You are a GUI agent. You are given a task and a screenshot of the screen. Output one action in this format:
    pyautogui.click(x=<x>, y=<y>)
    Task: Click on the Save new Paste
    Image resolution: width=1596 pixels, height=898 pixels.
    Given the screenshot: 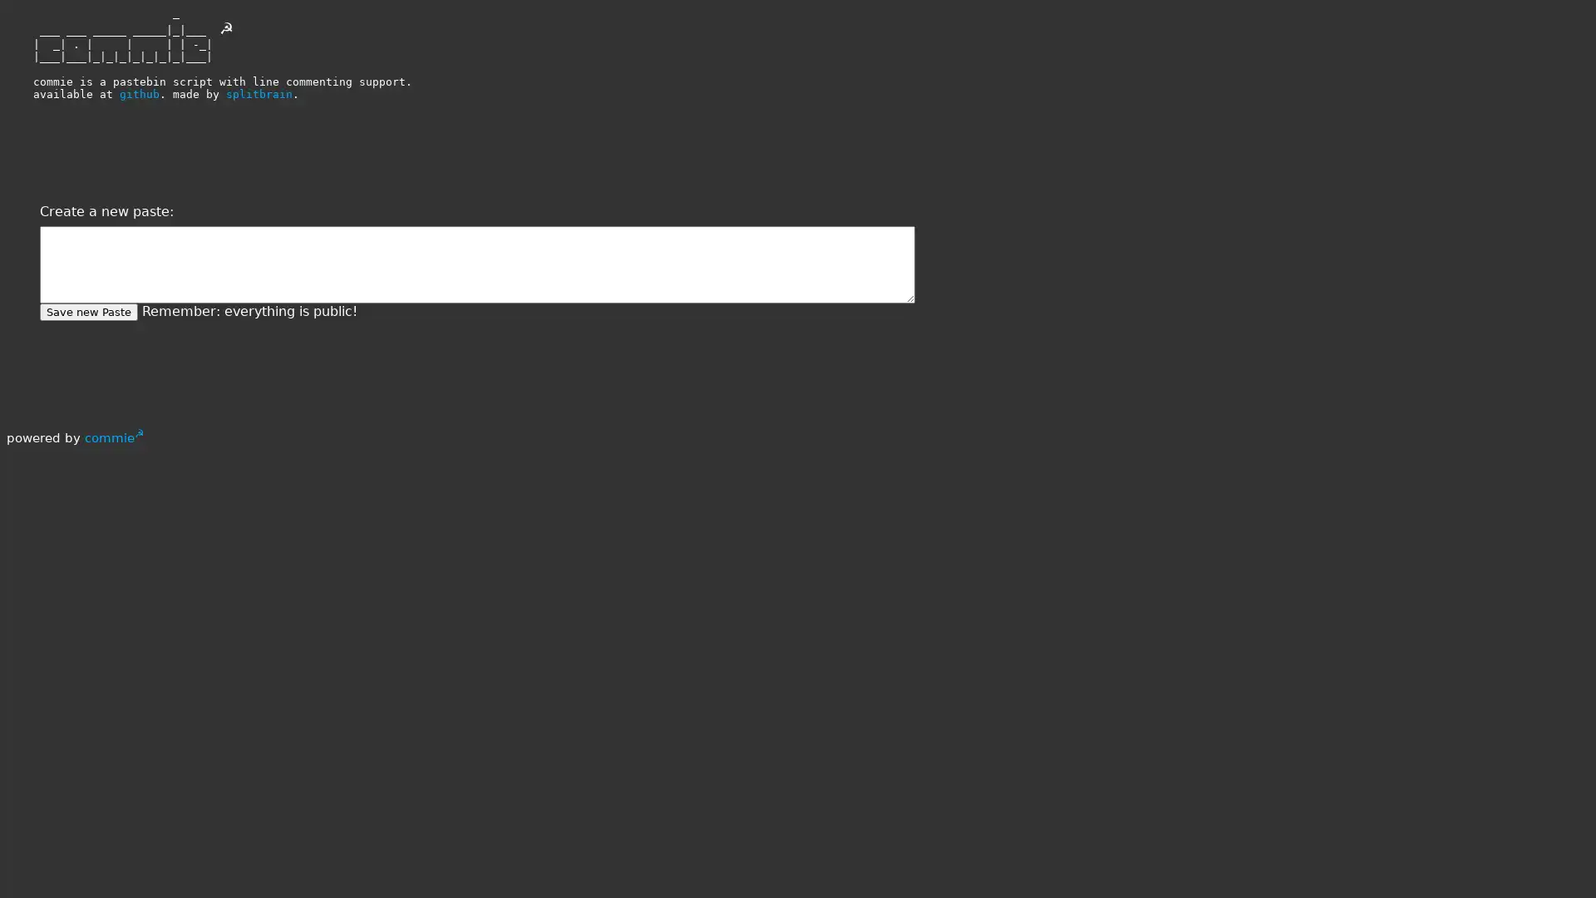 What is the action you would take?
    pyautogui.click(x=87, y=312)
    